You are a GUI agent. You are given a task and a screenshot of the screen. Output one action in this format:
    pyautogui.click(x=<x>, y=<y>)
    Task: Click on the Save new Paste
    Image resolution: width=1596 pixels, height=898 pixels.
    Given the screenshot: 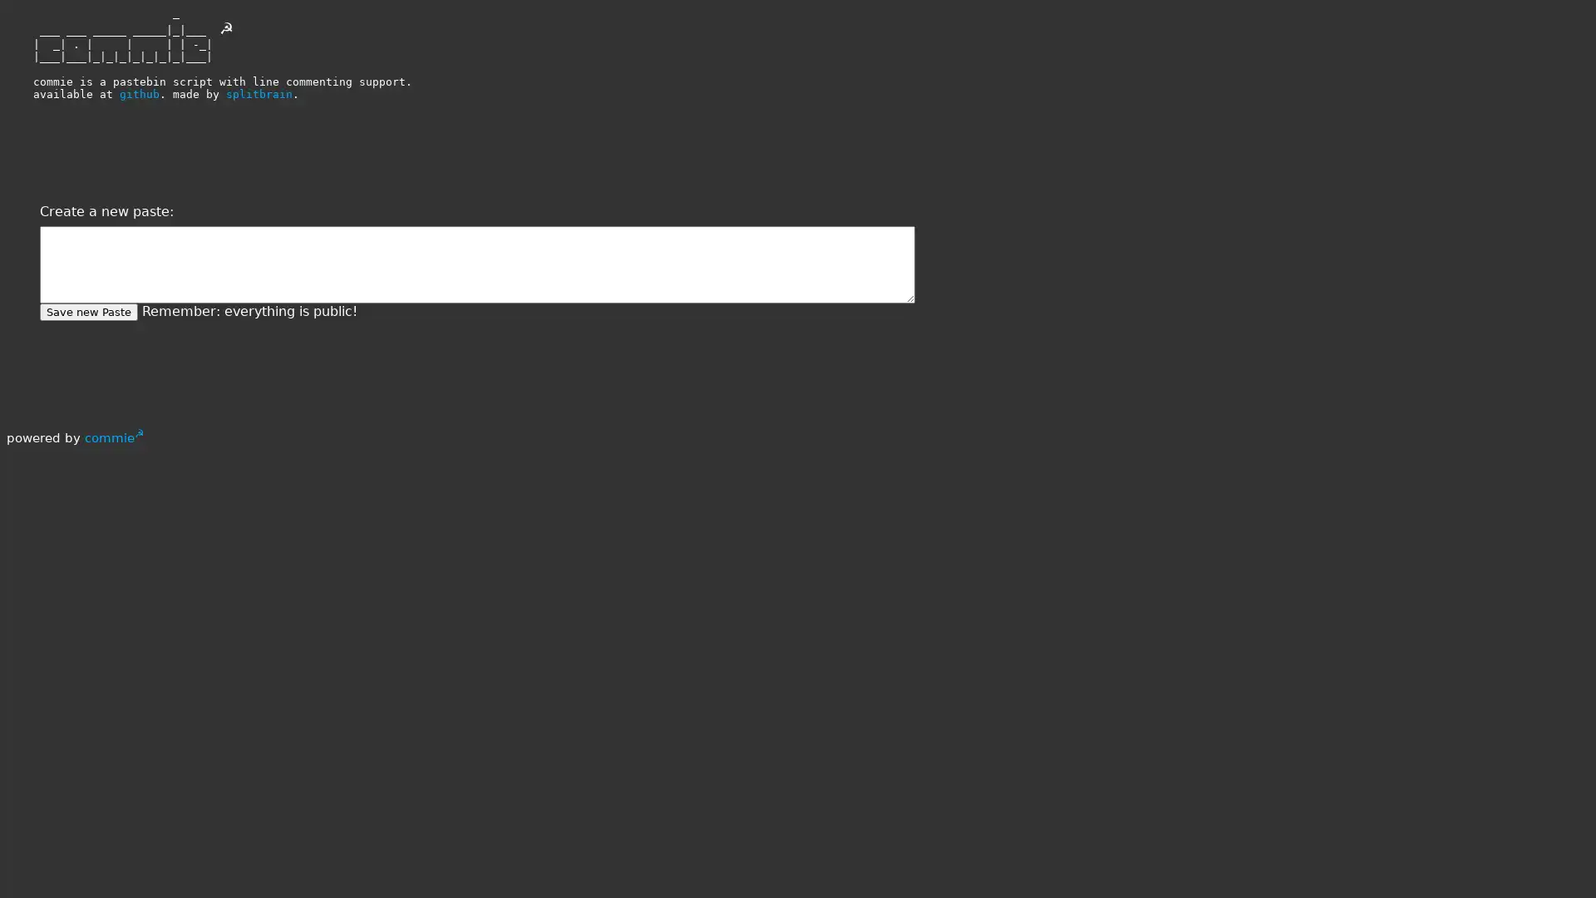 What is the action you would take?
    pyautogui.click(x=87, y=312)
    